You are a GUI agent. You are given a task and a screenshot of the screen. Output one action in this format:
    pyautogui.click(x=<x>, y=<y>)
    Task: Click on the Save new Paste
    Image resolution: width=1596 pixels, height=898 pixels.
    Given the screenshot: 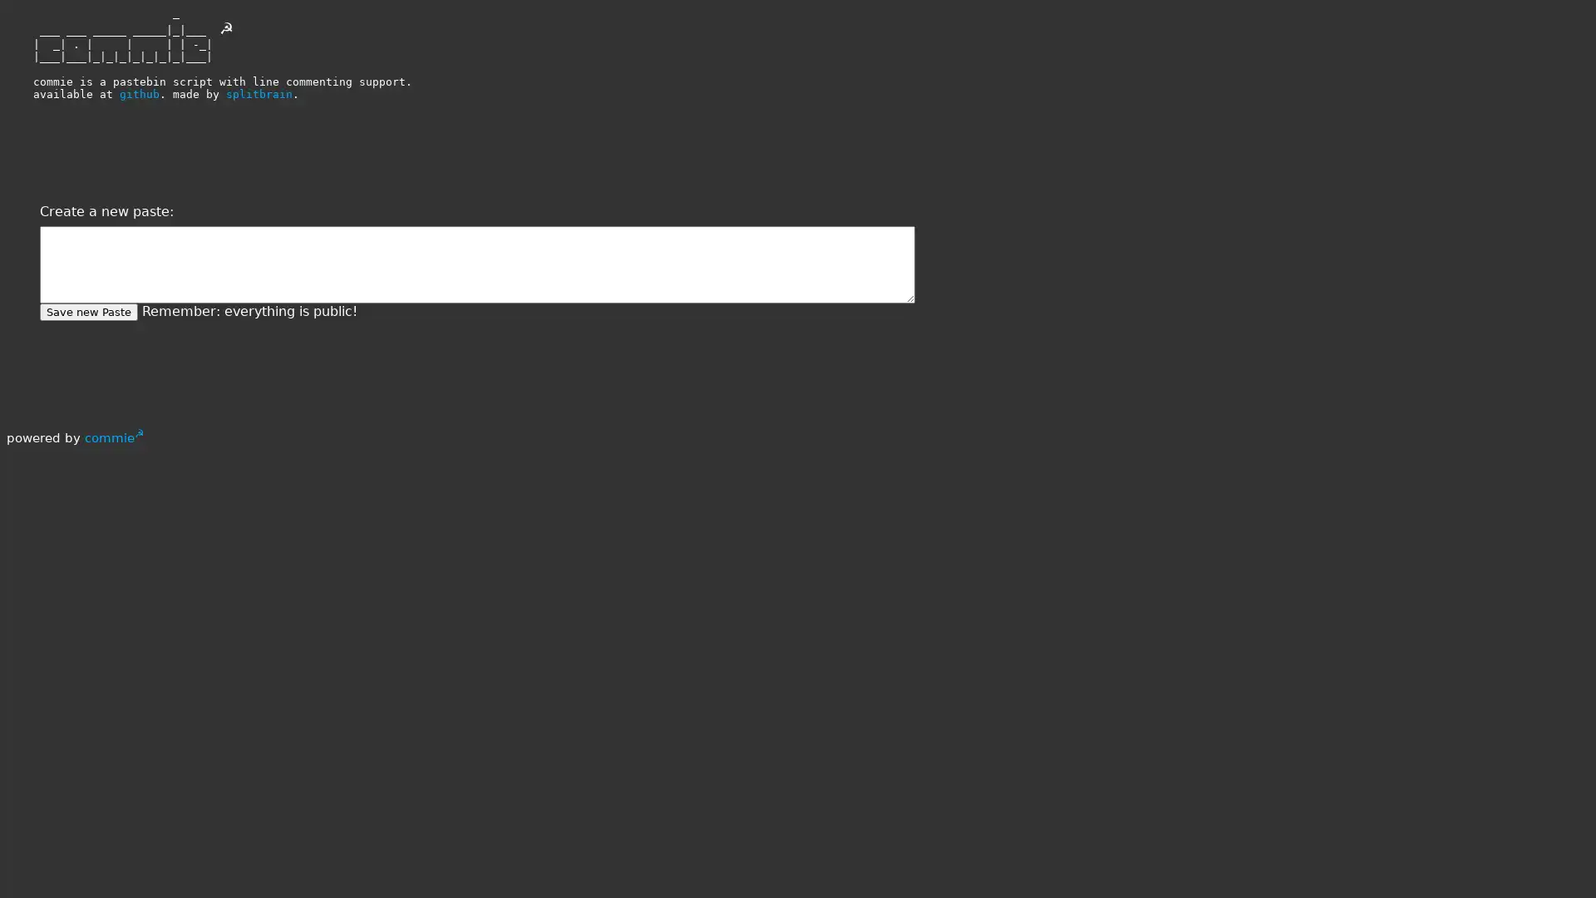 What is the action you would take?
    pyautogui.click(x=87, y=312)
    